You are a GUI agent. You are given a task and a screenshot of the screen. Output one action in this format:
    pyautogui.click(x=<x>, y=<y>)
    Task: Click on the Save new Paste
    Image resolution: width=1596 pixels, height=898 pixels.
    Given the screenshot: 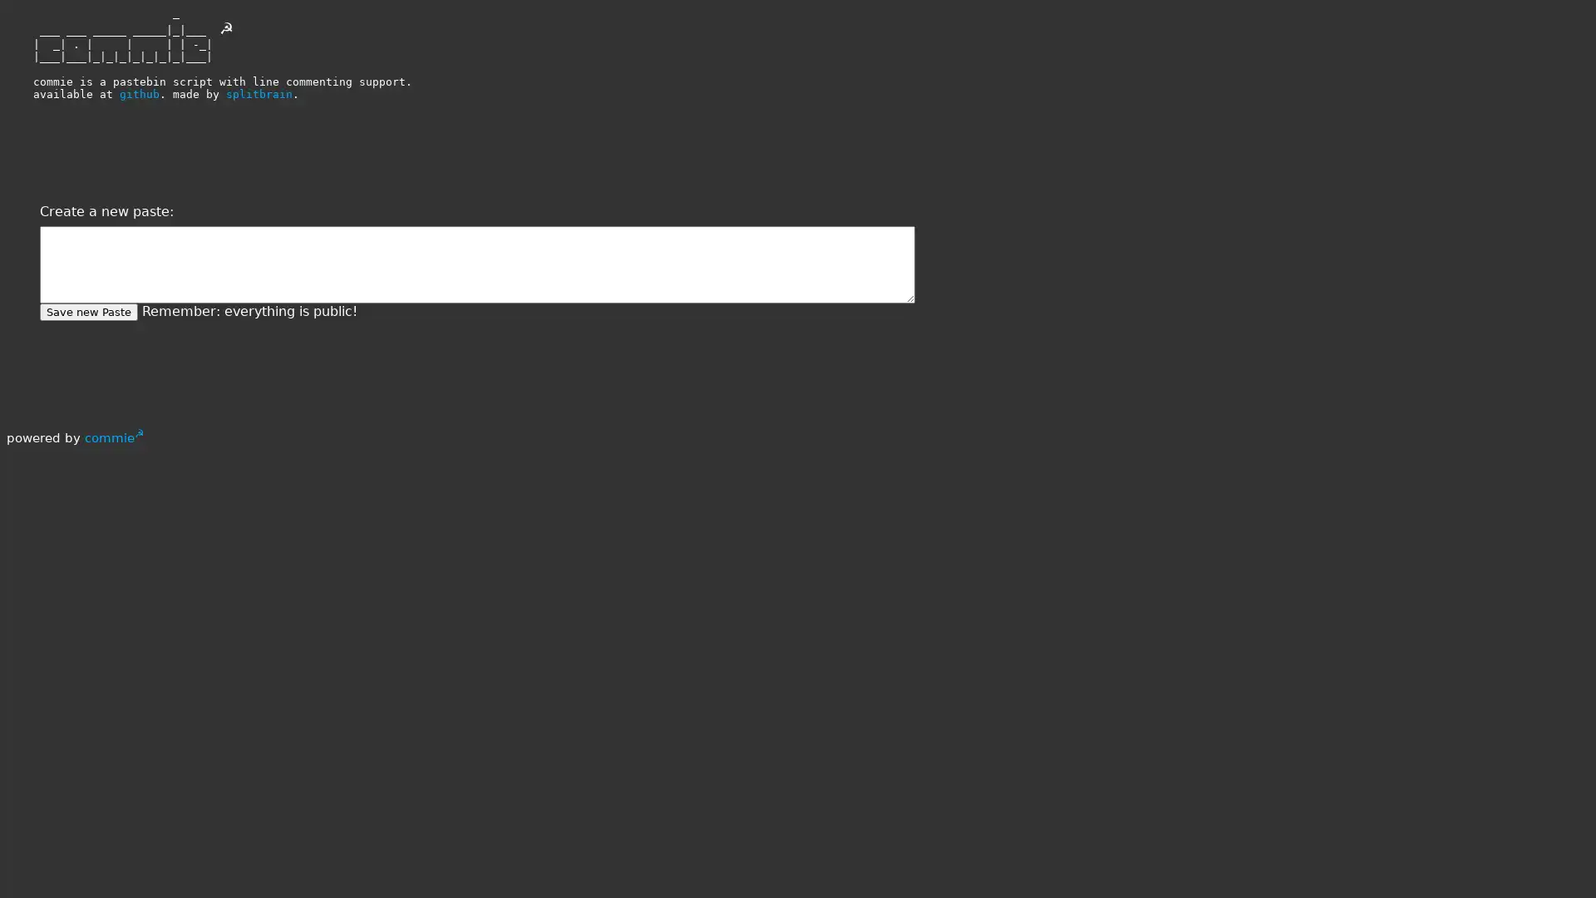 What is the action you would take?
    pyautogui.click(x=87, y=312)
    